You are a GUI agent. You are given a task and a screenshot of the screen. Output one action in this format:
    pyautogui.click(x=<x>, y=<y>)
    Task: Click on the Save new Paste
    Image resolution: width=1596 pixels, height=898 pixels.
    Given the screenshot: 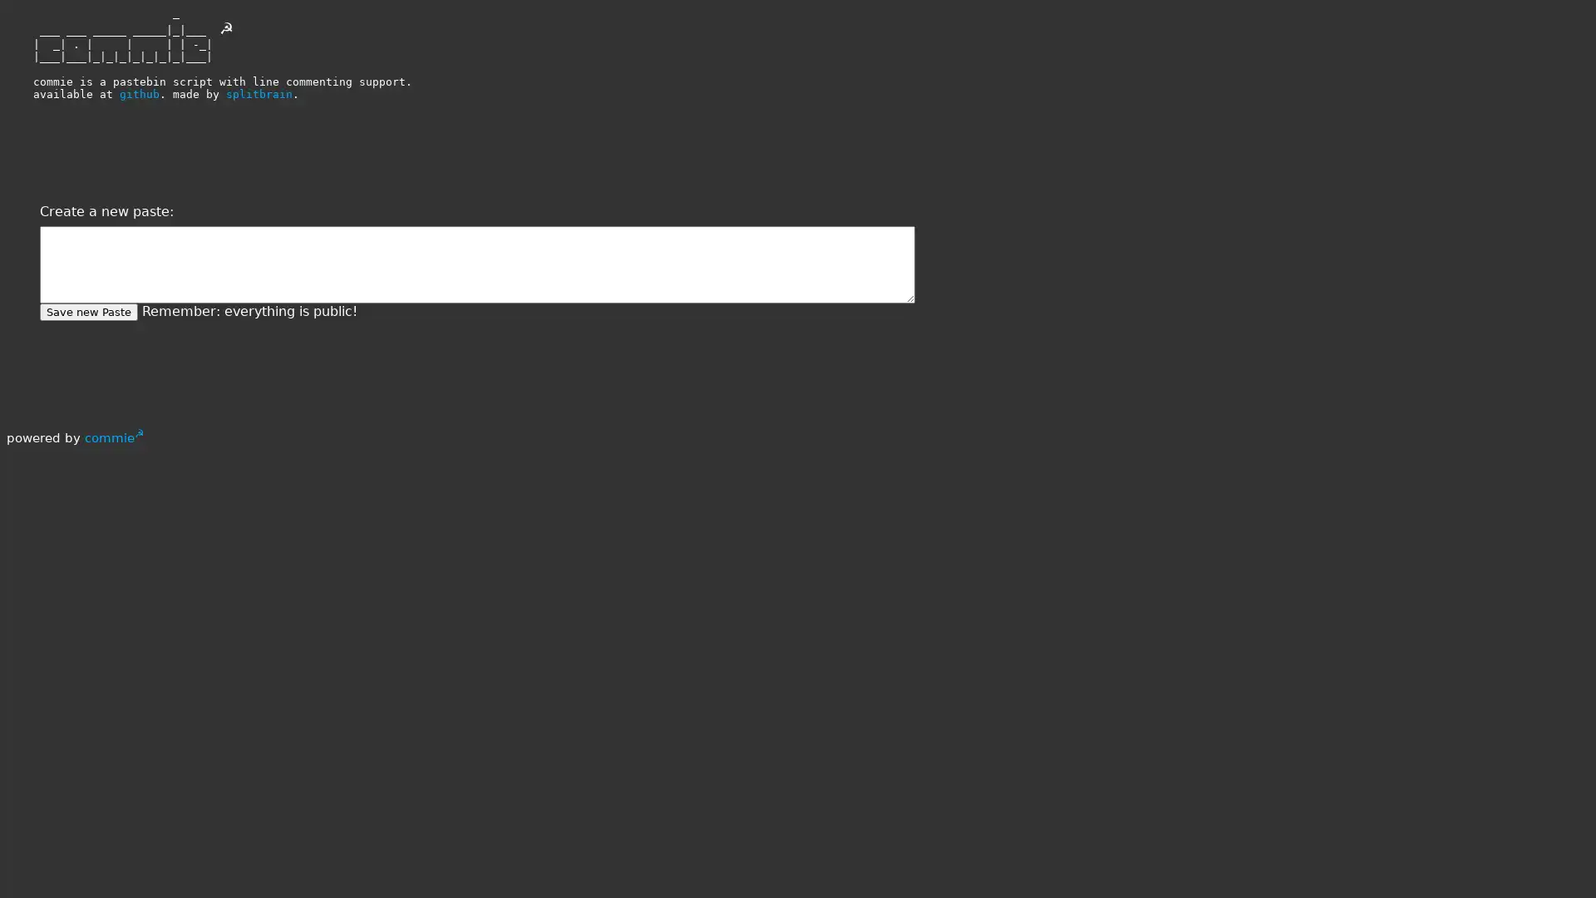 What is the action you would take?
    pyautogui.click(x=87, y=312)
    